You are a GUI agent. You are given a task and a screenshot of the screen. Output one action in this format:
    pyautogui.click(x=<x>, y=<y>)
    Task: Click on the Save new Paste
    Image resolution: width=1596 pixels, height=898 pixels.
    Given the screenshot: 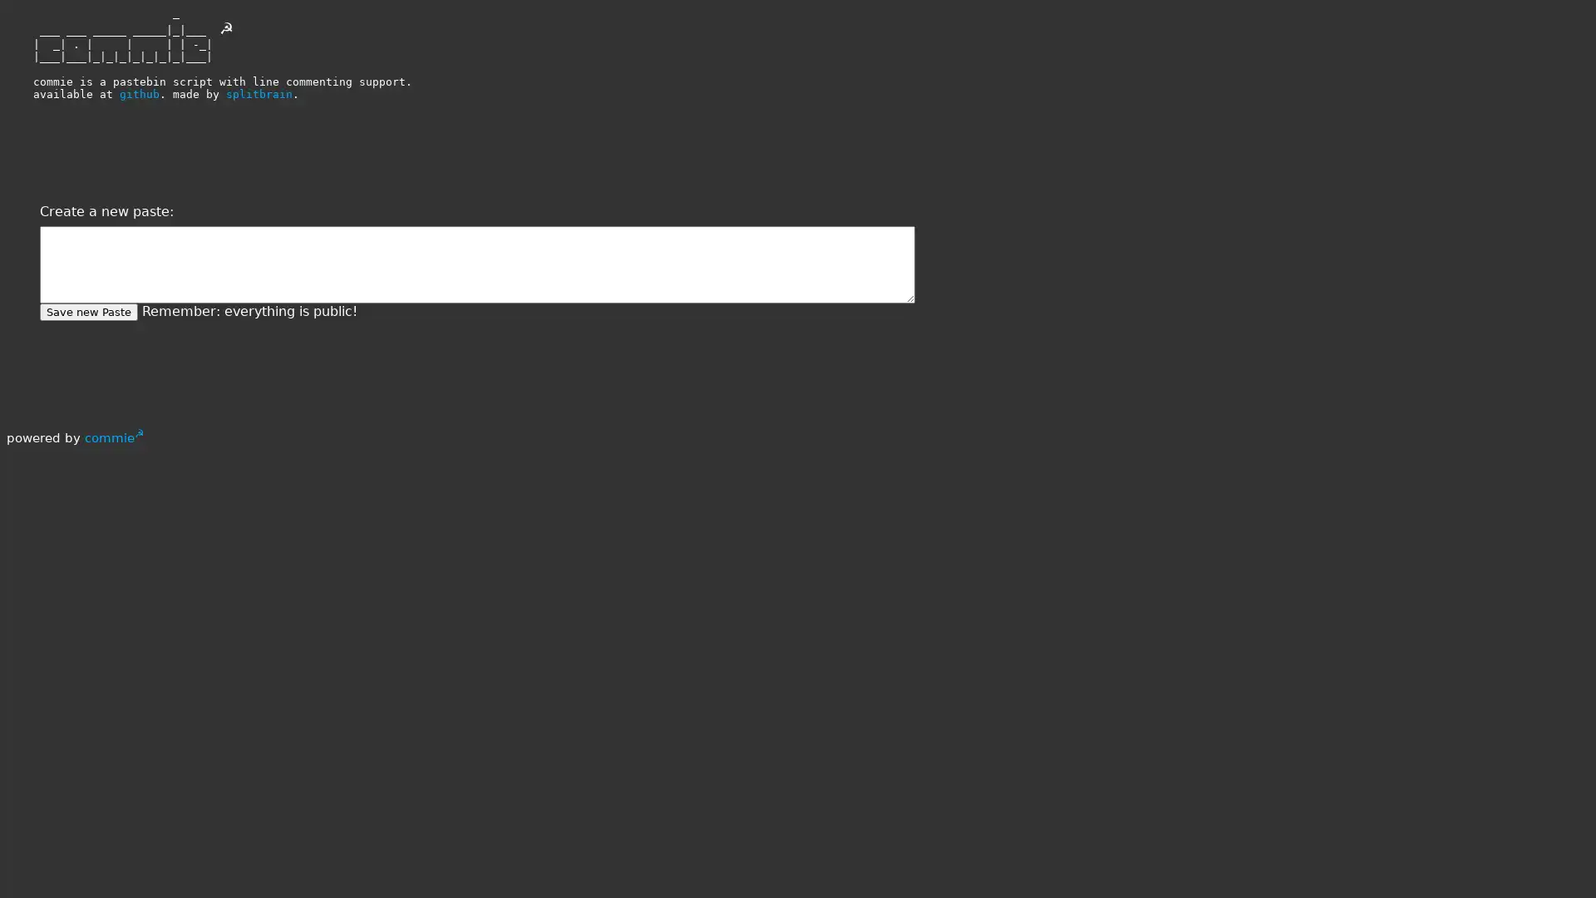 What is the action you would take?
    pyautogui.click(x=87, y=312)
    